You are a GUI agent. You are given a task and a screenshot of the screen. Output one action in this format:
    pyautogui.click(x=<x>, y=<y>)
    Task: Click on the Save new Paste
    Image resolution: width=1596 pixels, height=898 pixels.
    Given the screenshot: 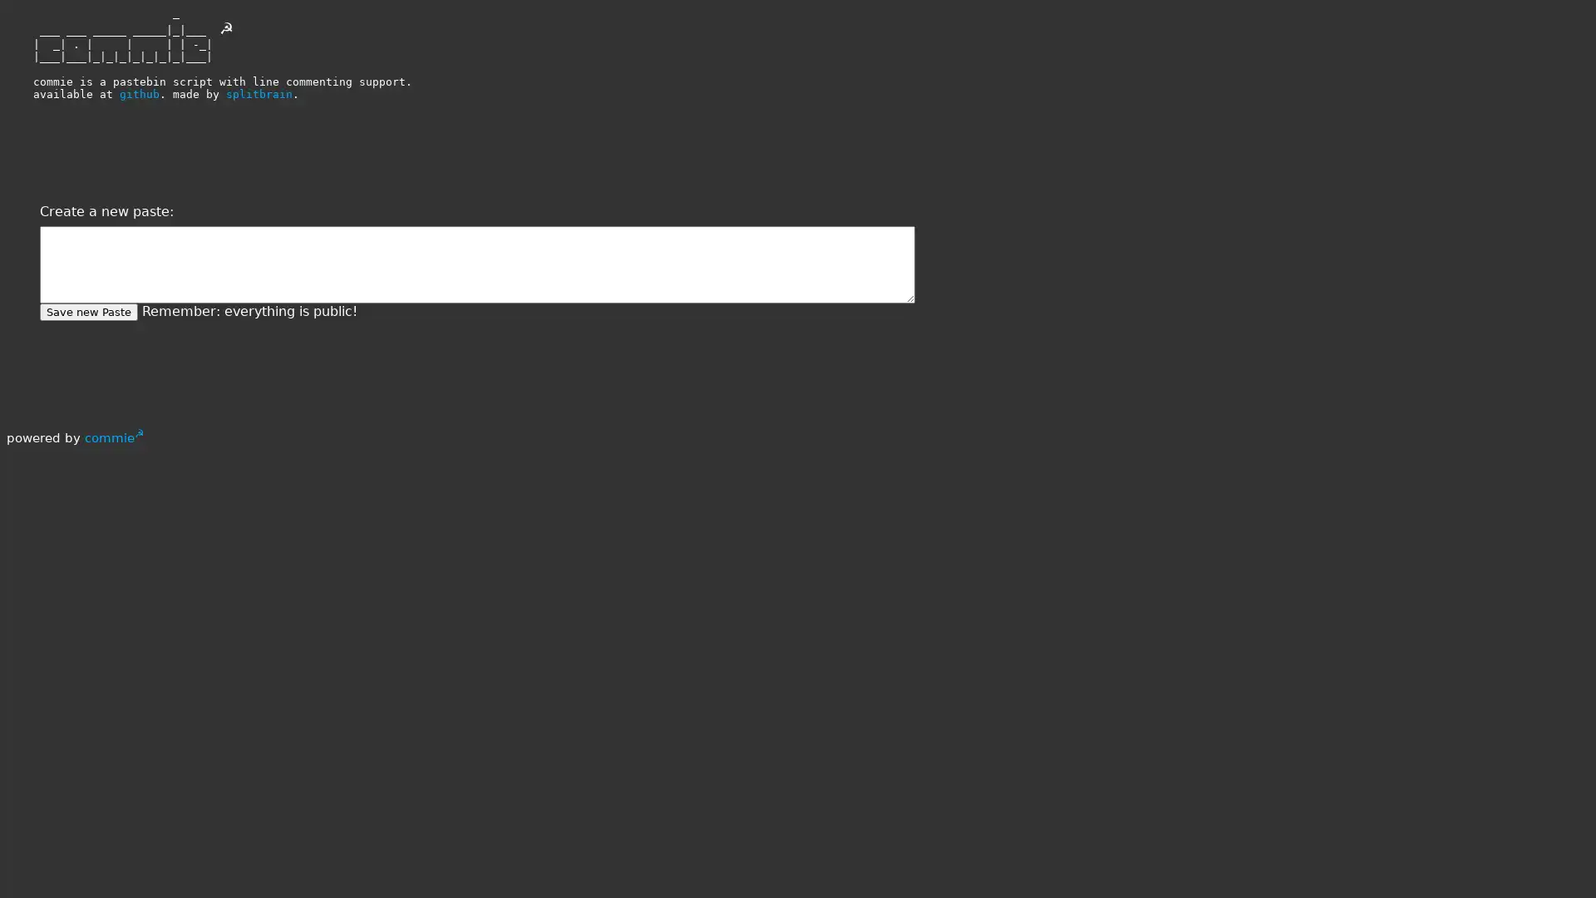 What is the action you would take?
    pyautogui.click(x=87, y=312)
    